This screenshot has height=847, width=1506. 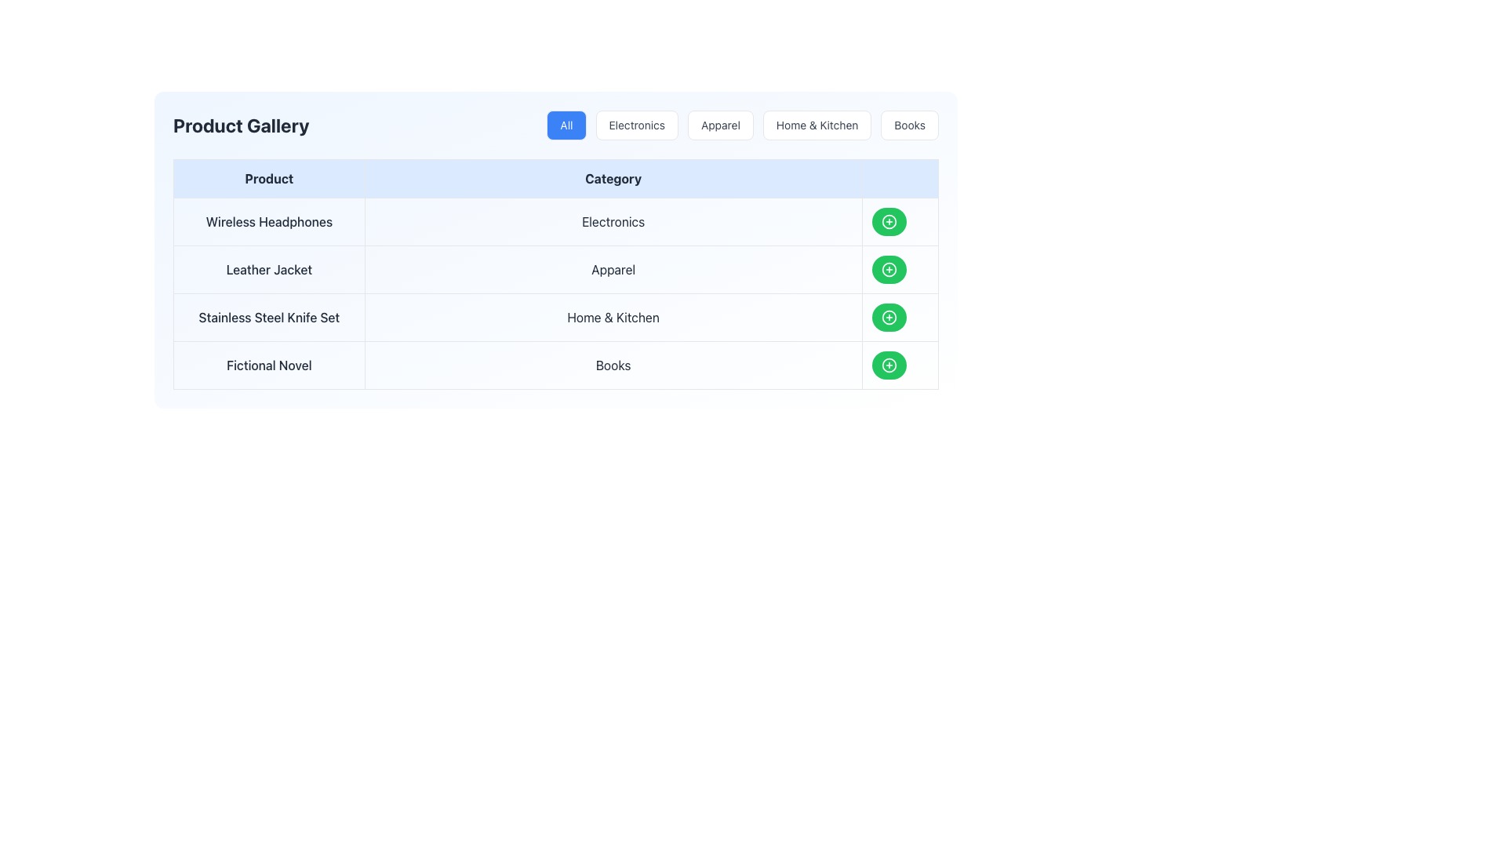 I want to click on the Text label identifying the product name in the second row of the grid layout under the 'Product' column header, which is the first text item in this row, so click(x=269, y=268).